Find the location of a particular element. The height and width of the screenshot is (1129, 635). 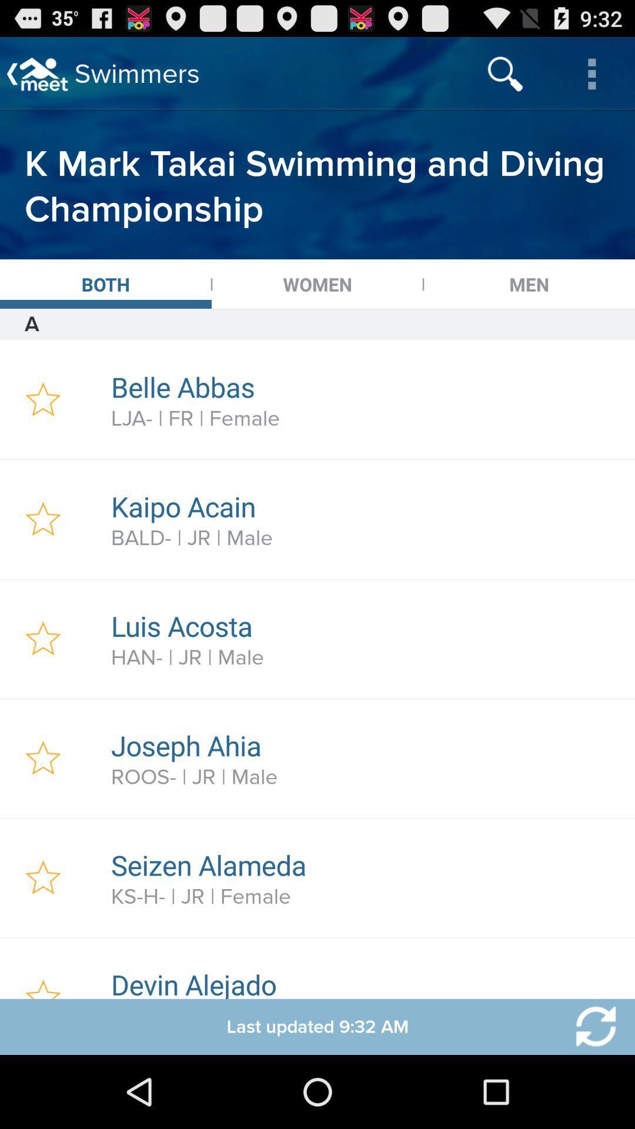

the item to the left of the men is located at coordinates (317, 284).